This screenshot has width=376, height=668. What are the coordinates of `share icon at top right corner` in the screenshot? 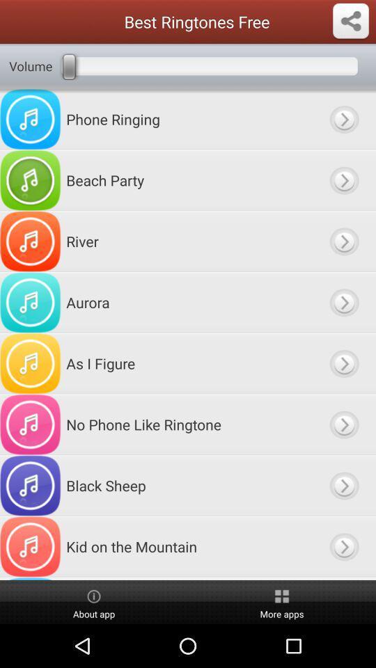 It's located at (350, 21).